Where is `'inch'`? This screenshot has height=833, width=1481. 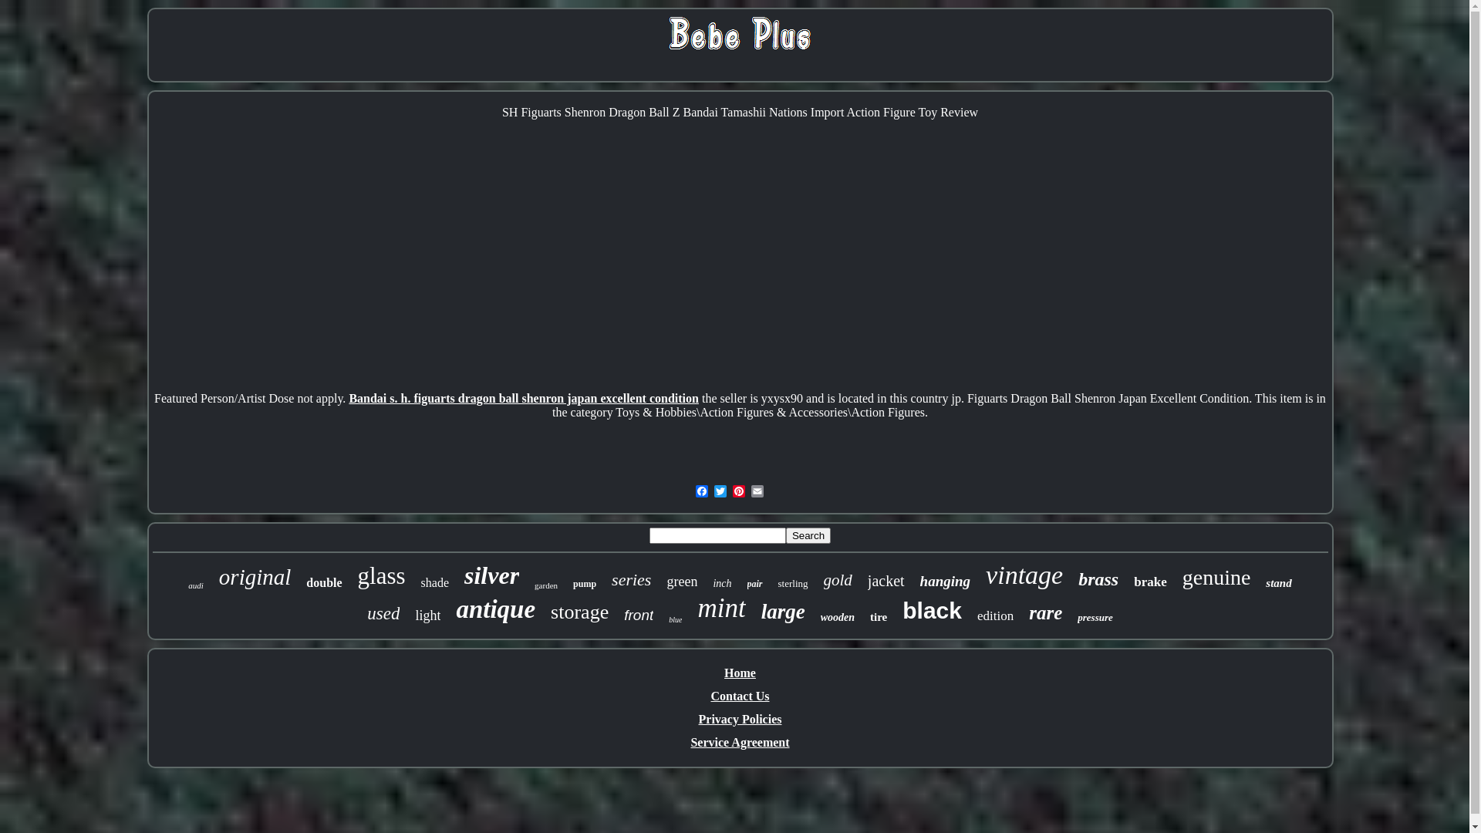 'inch' is located at coordinates (721, 583).